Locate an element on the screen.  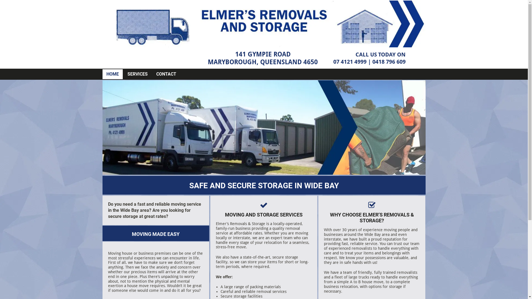
'SERVICES' is located at coordinates (127, 74).